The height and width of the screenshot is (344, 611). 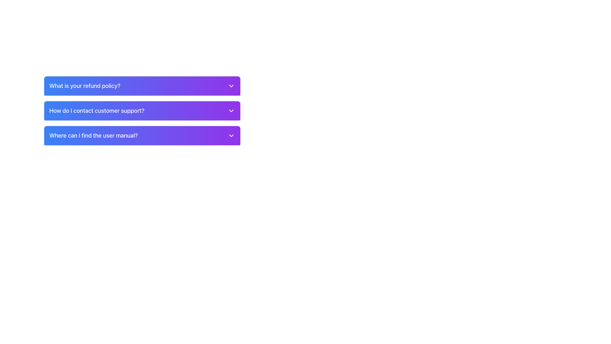 I want to click on the informational text label that serves as the title of a collapsible section regarding the refund policy, located above the sections for customer support and user manual, so click(x=84, y=86).